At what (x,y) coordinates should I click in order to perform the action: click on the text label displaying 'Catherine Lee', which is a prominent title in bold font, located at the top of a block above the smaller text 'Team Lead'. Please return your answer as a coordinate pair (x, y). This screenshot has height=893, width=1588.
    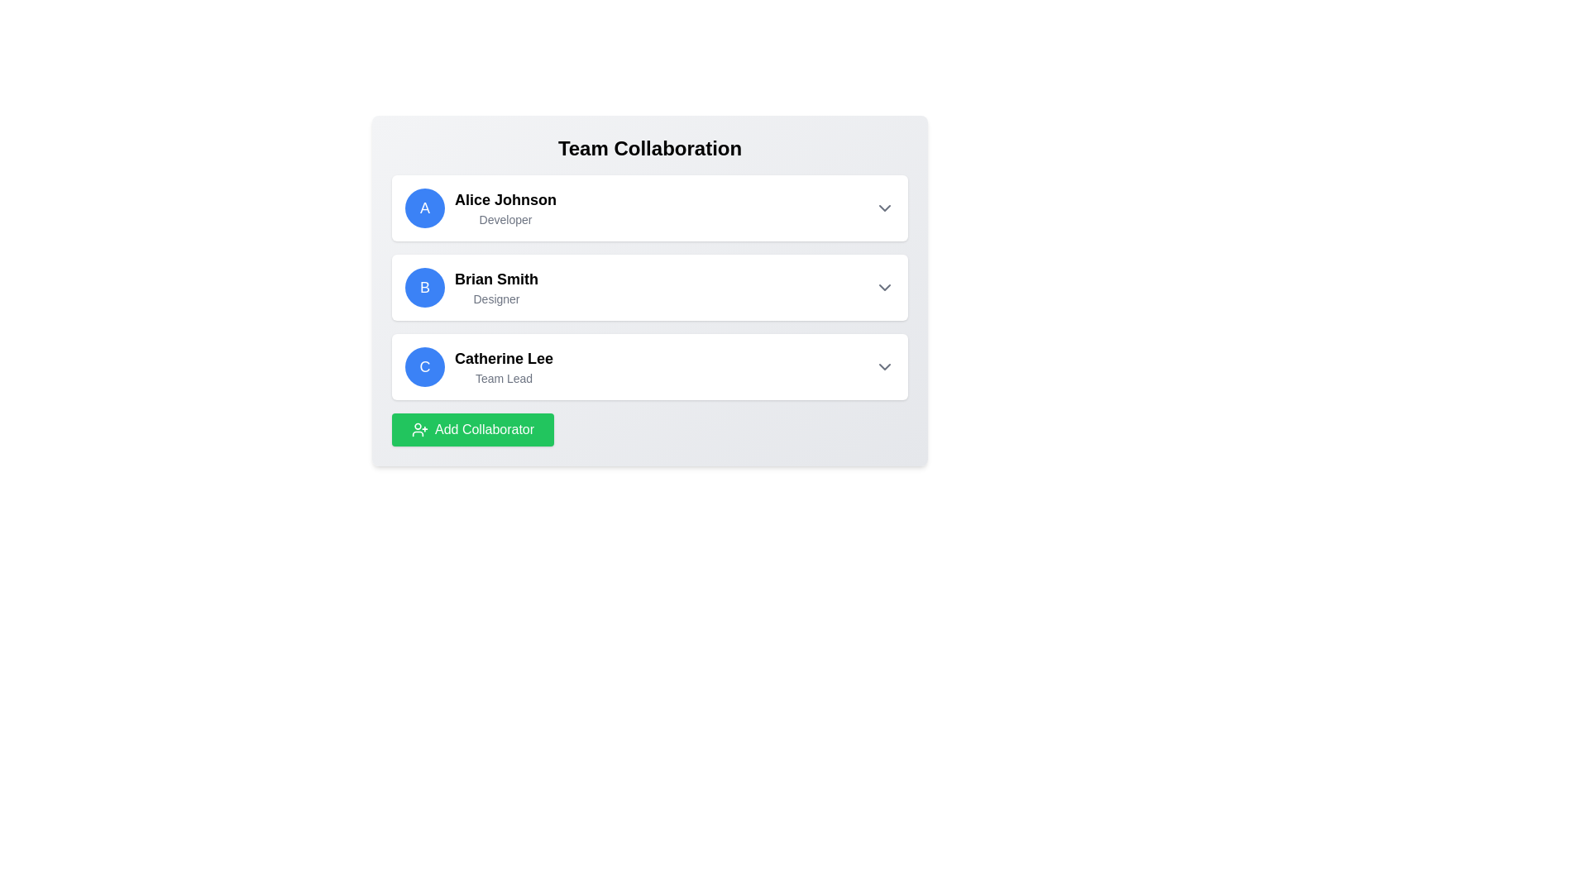
    Looking at the image, I should click on (503, 358).